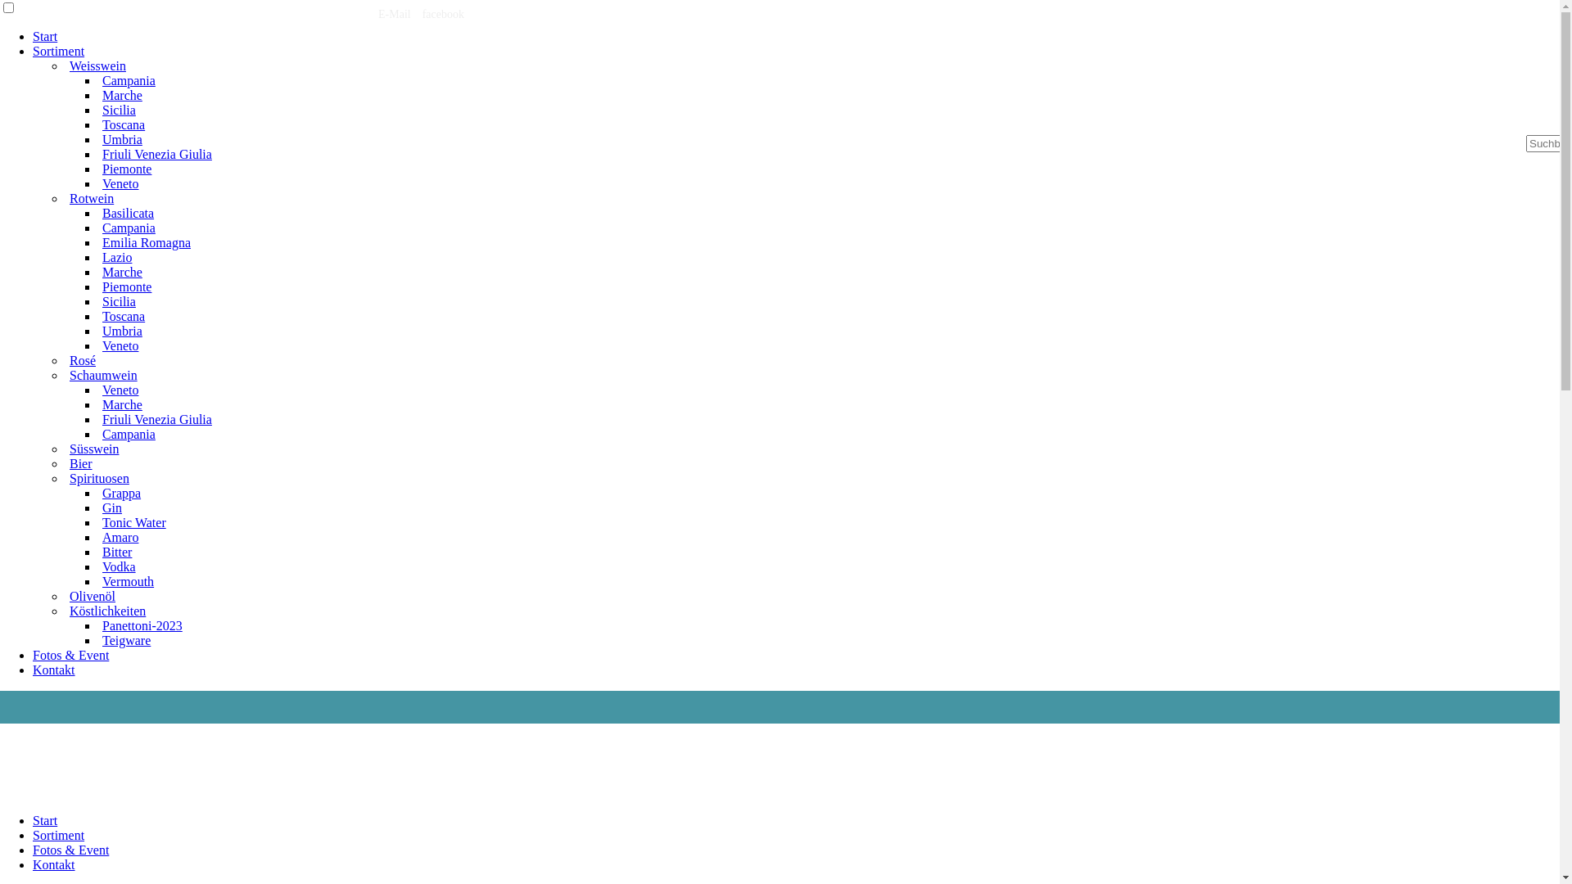 The image size is (1572, 884). I want to click on 'Fotos & Event', so click(70, 654).